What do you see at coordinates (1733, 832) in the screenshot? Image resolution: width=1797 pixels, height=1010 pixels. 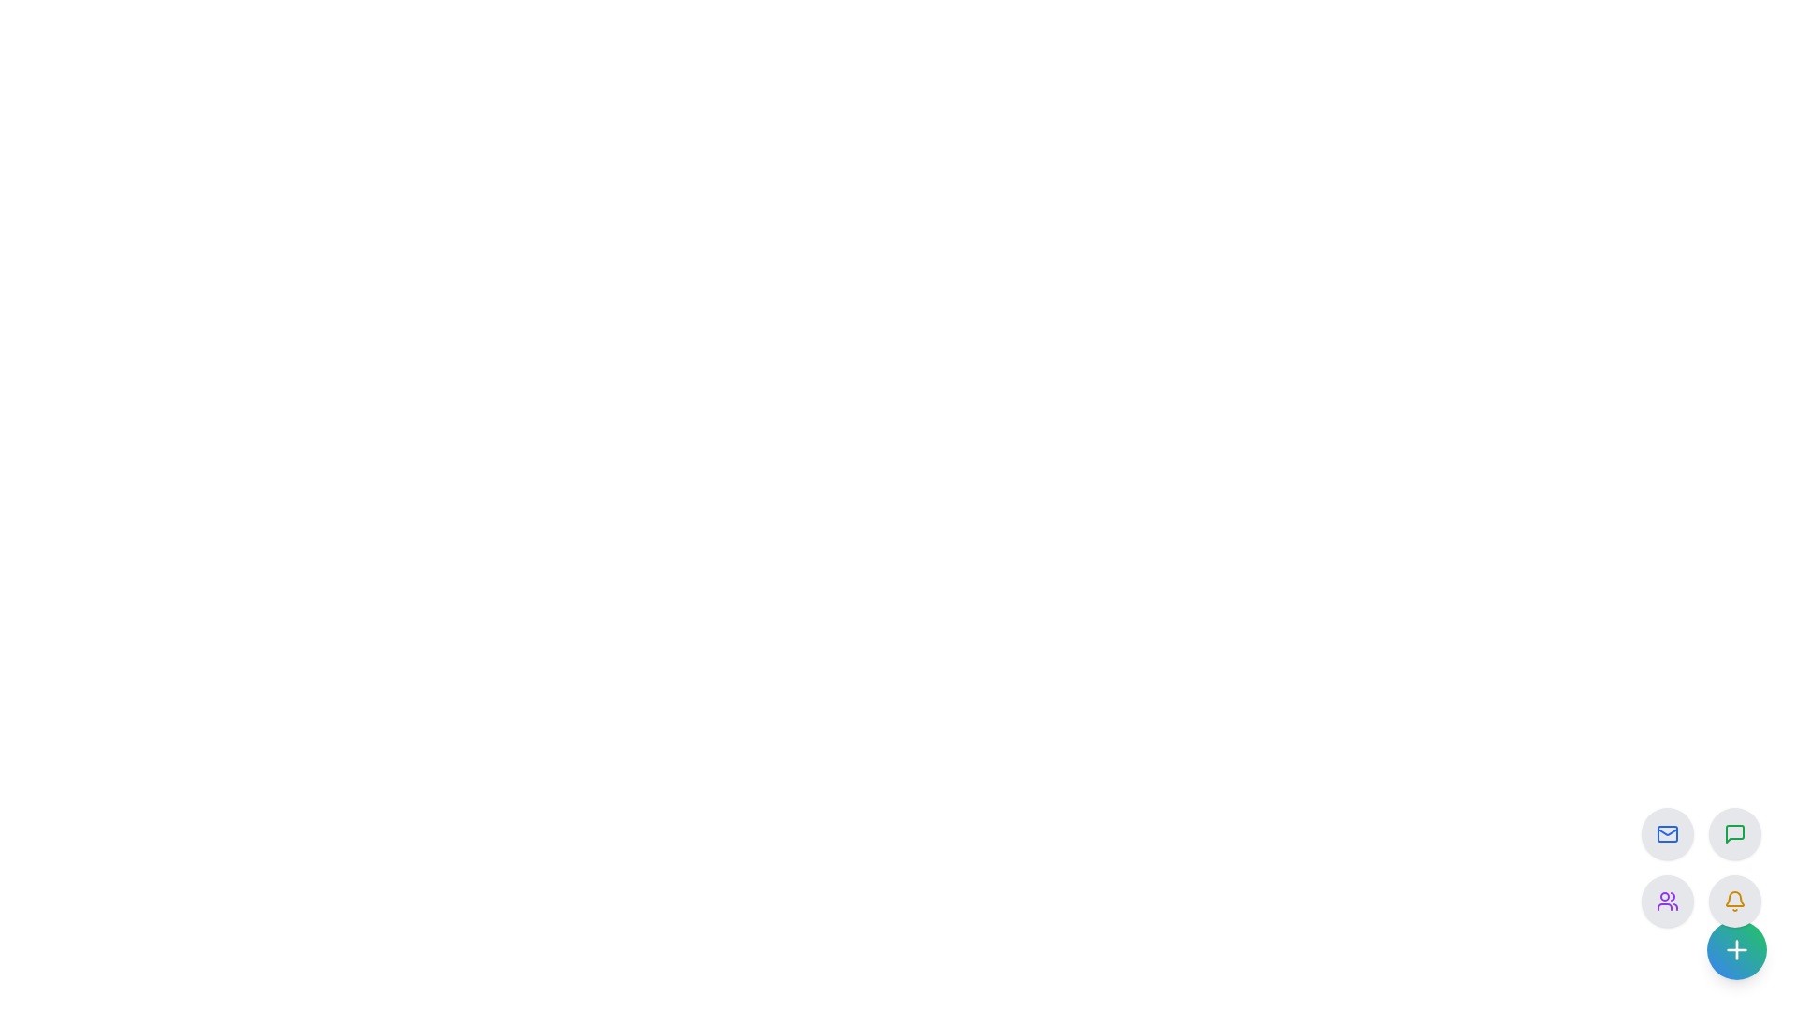 I see `the top-right circular button with a light gray background and a green message-square icon to initiate a chat` at bounding box center [1733, 832].